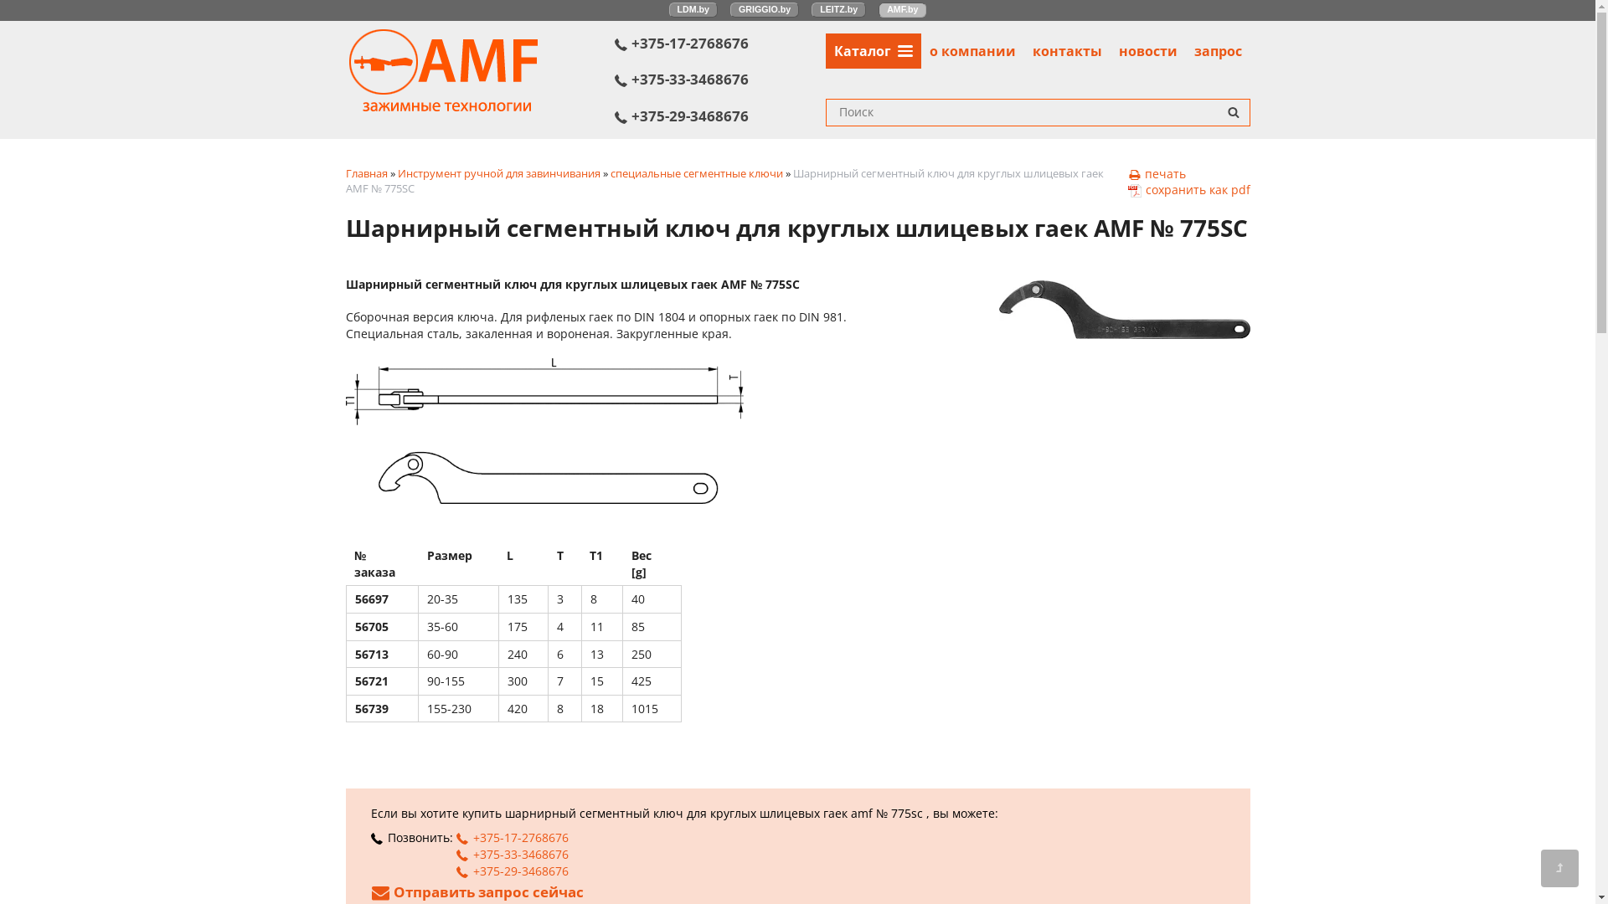 Image resolution: width=1608 pixels, height=904 pixels. Describe the element at coordinates (693, 9) in the screenshot. I see `'LDM.by'` at that location.